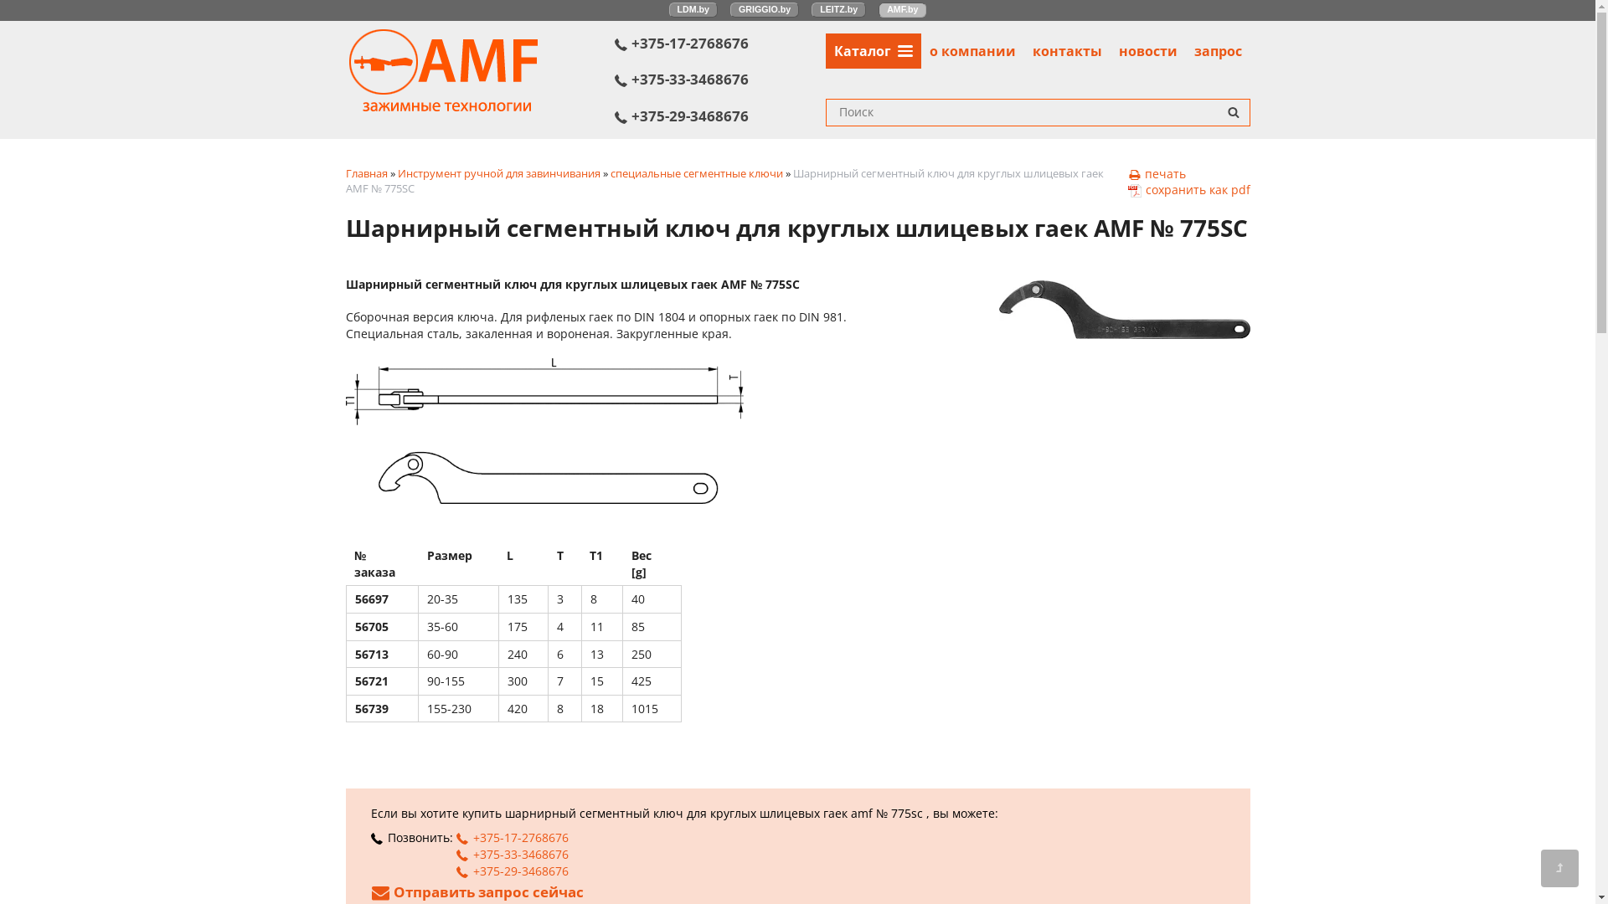 Image resolution: width=1608 pixels, height=904 pixels. Describe the element at coordinates (693, 9) in the screenshot. I see `'LDM.by'` at that location.